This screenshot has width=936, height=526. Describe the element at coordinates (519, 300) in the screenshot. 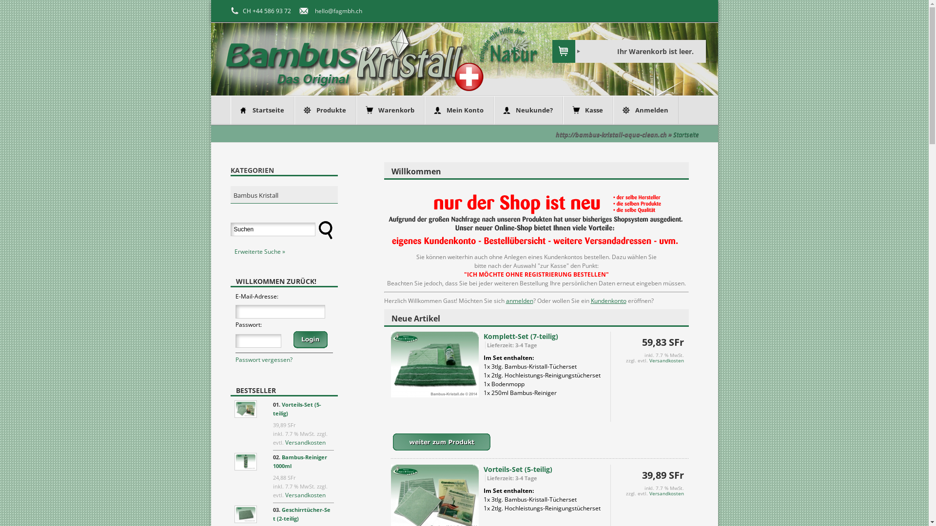

I see `'anmelden'` at that location.